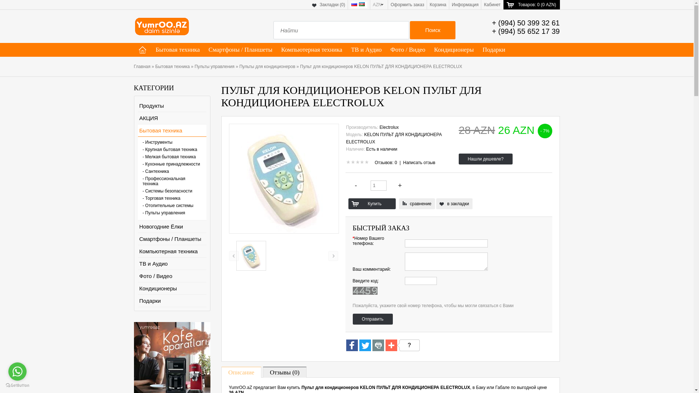 Image resolution: width=699 pixels, height=393 pixels. I want to click on 'Russian', so click(354, 4).